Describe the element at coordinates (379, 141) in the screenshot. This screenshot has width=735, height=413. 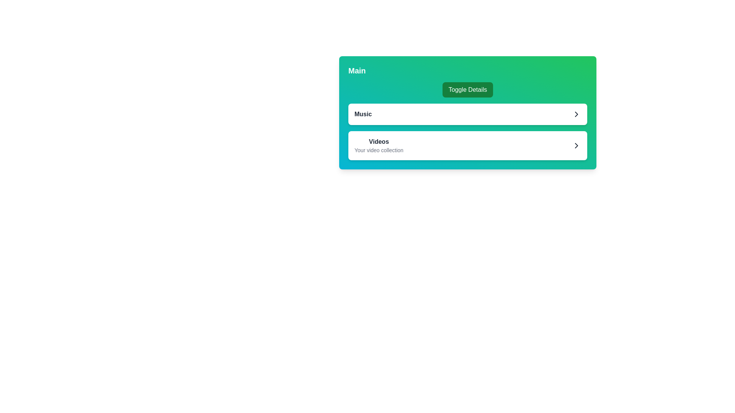
I see `the bold text label that reads 'Videos', which is styled in a darker shade of gray and positioned above the description text 'Your video collection'` at that location.